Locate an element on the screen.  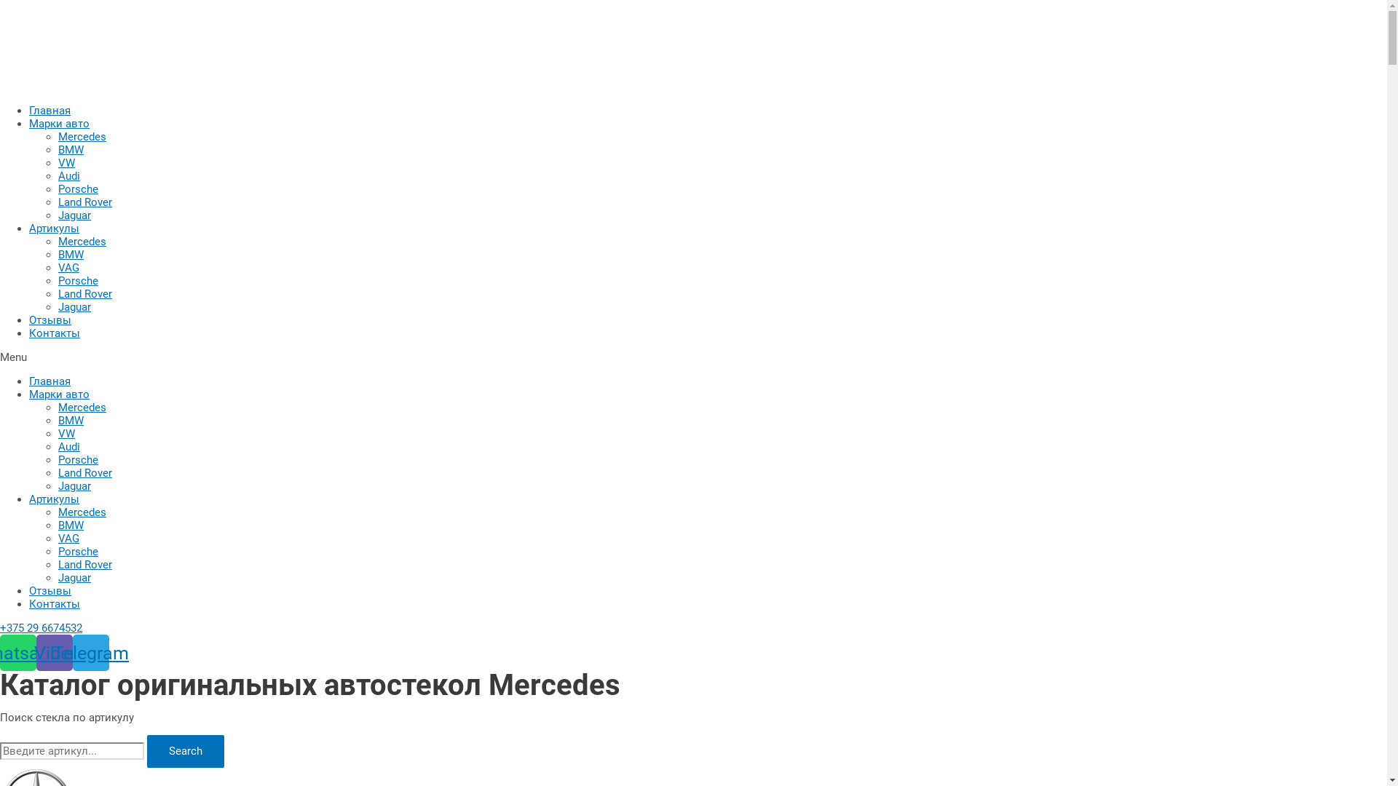
'Jaguar' is located at coordinates (74, 306).